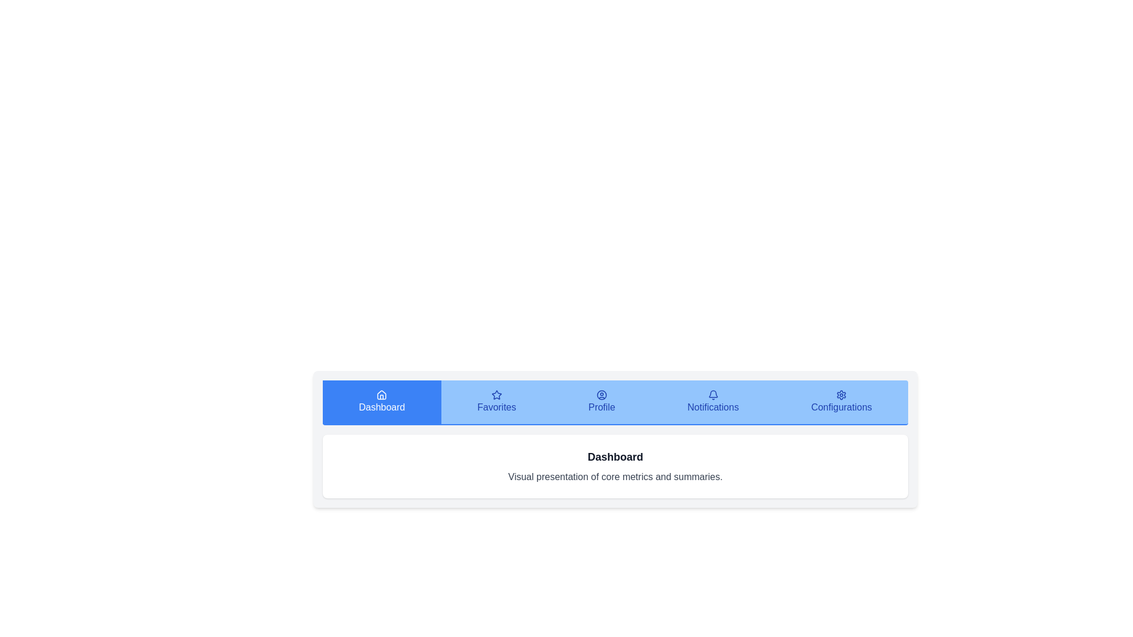 This screenshot has height=637, width=1133. What do you see at coordinates (382, 402) in the screenshot?
I see `the tab corresponding to Dashboard` at bounding box center [382, 402].